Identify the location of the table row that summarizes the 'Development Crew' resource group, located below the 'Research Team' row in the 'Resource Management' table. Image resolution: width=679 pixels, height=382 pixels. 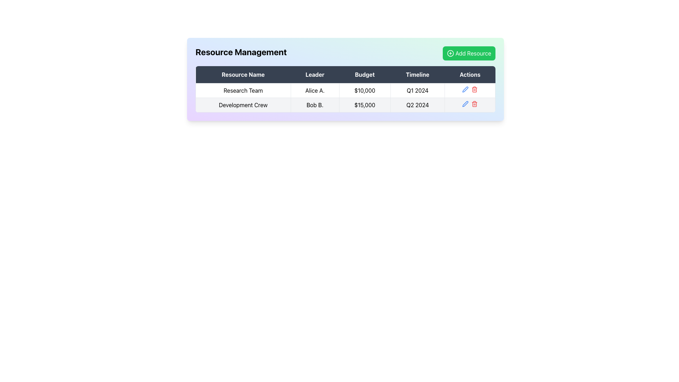
(346, 105).